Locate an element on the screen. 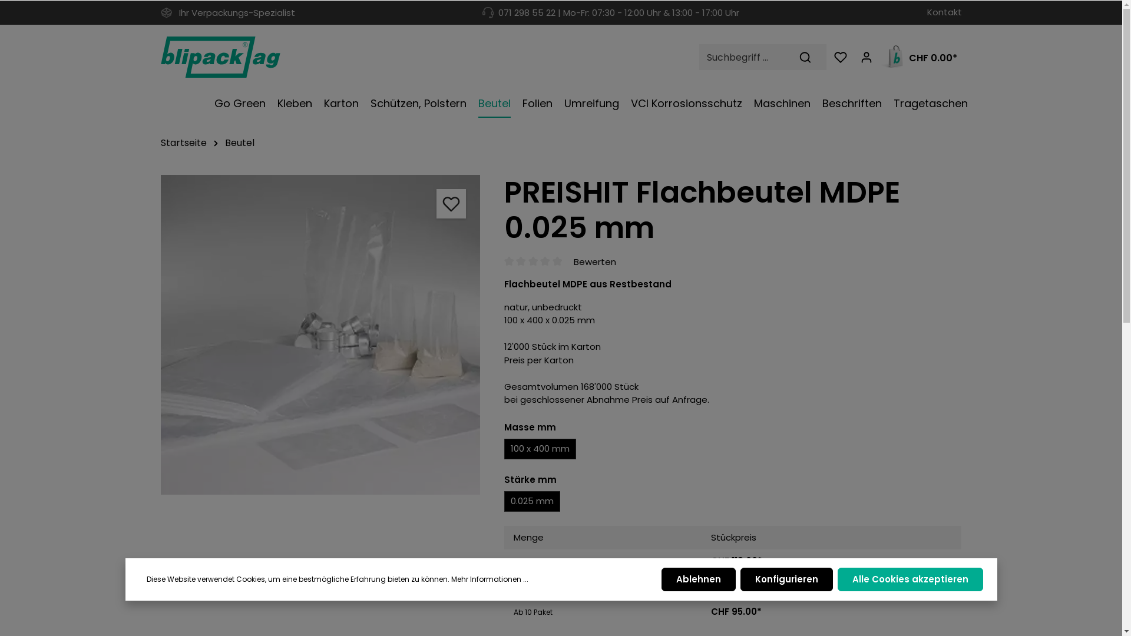 This screenshot has height=636, width=1131. 'Kontakt' is located at coordinates (944, 12).